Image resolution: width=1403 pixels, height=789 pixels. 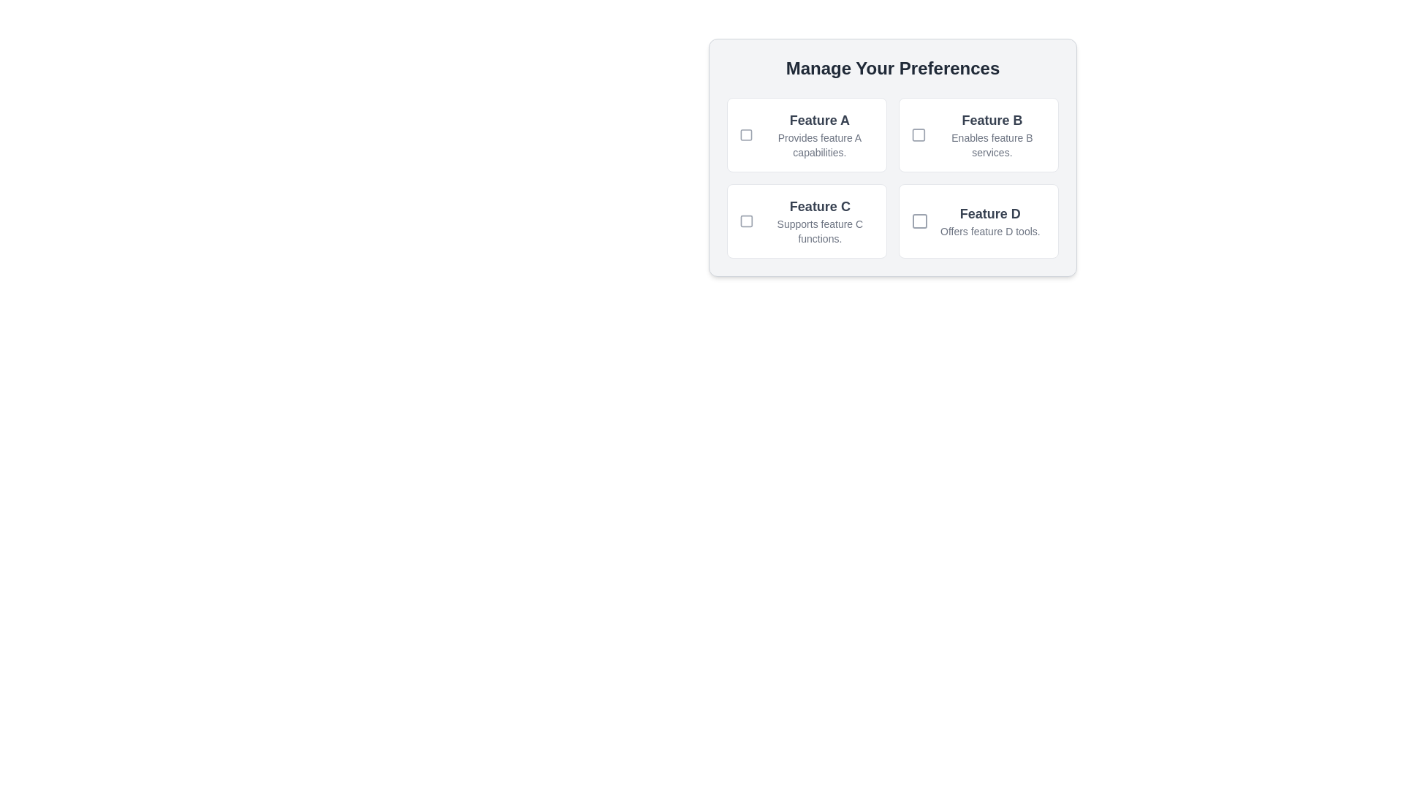 What do you see at coordinates (746, 135) in the screenshot?
I see `the Checkbox-like icon located on the left side of the 'Feature A' title text` at bounding box center [746, 135].